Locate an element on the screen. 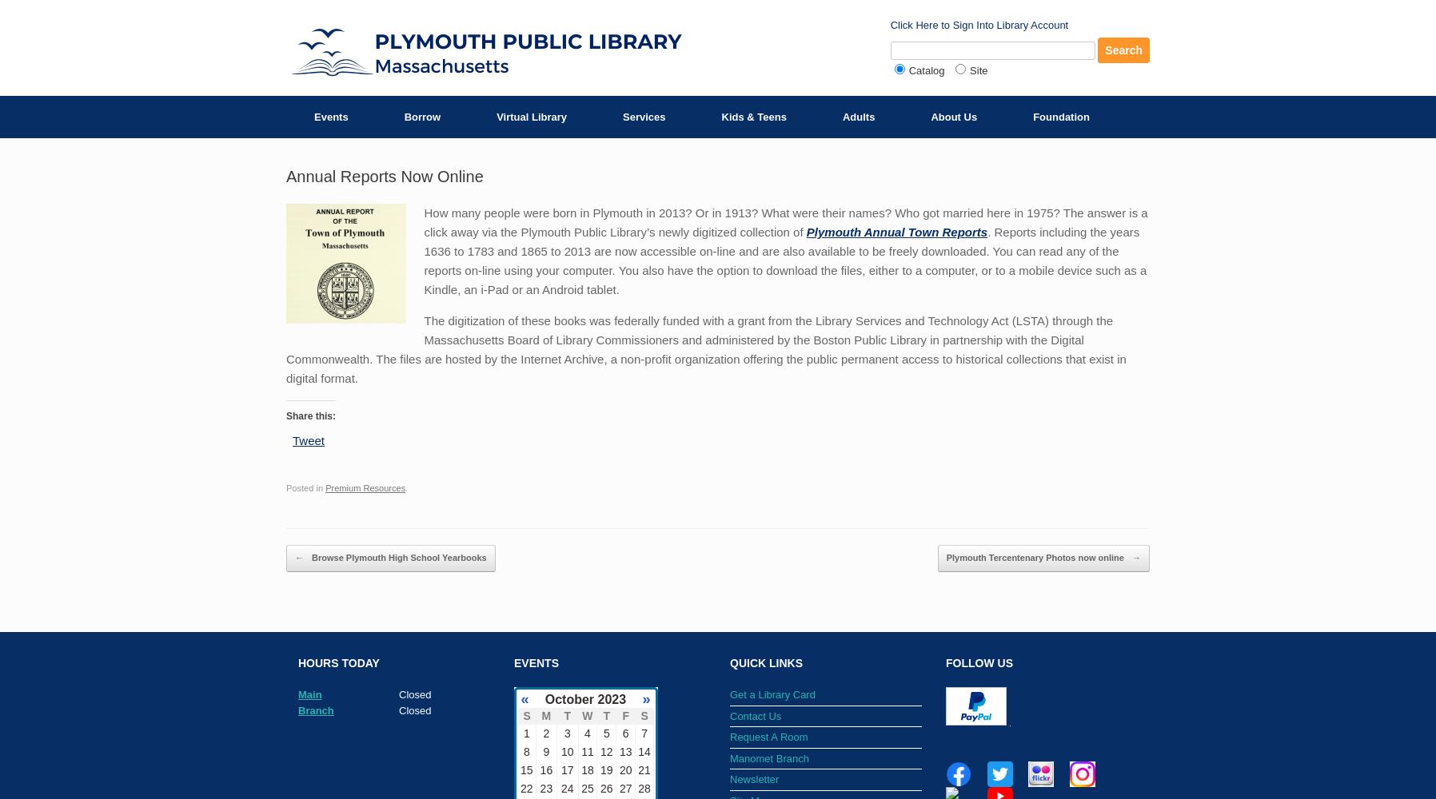  'Plymouth Tercentenary Photos now online' is located at coordinates (1035, 557).